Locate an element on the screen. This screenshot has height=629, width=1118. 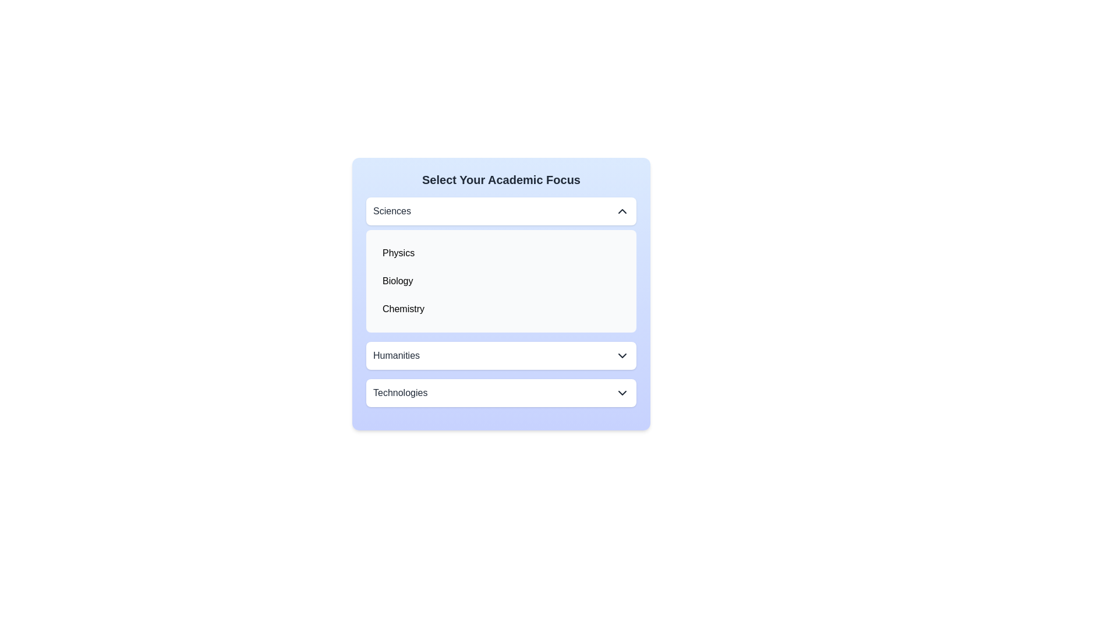
the Dropdown arrow icon located on the right side of the 'Technologies' option is located at coordinates (622, 393).